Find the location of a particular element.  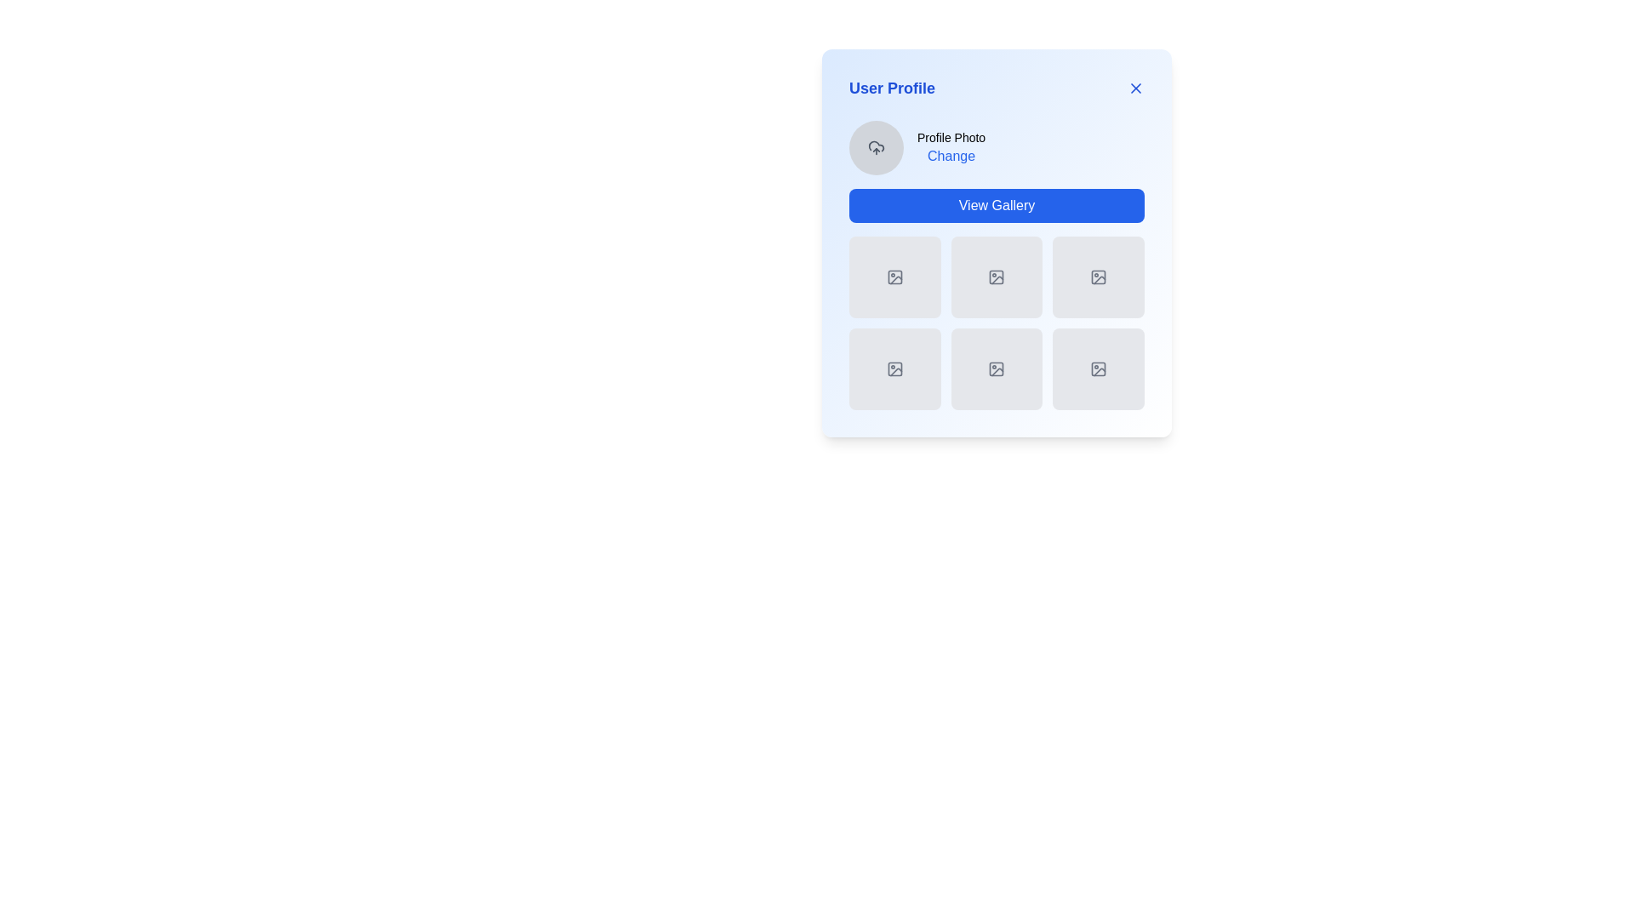

the image placeholder icon located in the second row and second column of a 2x3 grid structure is located at coordinates (894, 368).